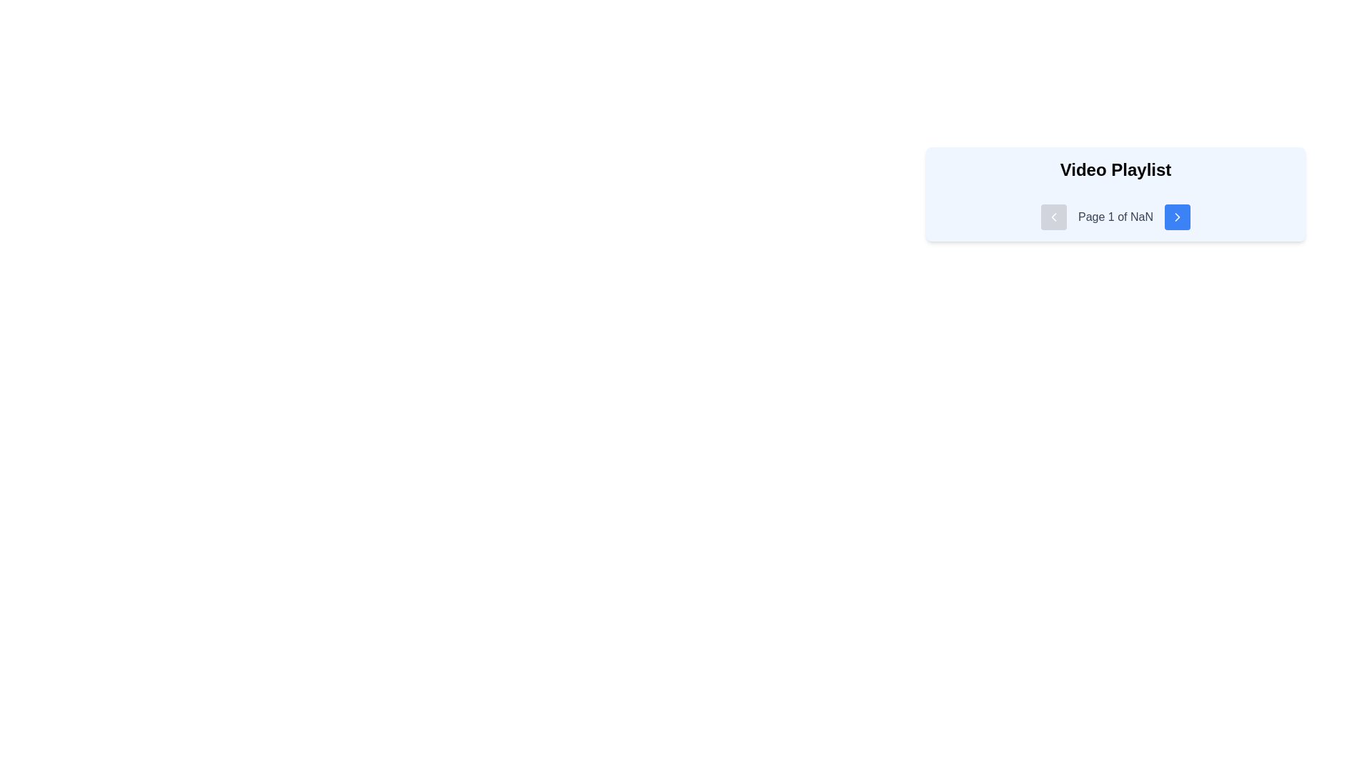  I want to click on the Chevron icon or navigation arrow located at the far right of the control section labeled 'Page 1 of NaN' under 'Video Playlist', so click(1177, 217).